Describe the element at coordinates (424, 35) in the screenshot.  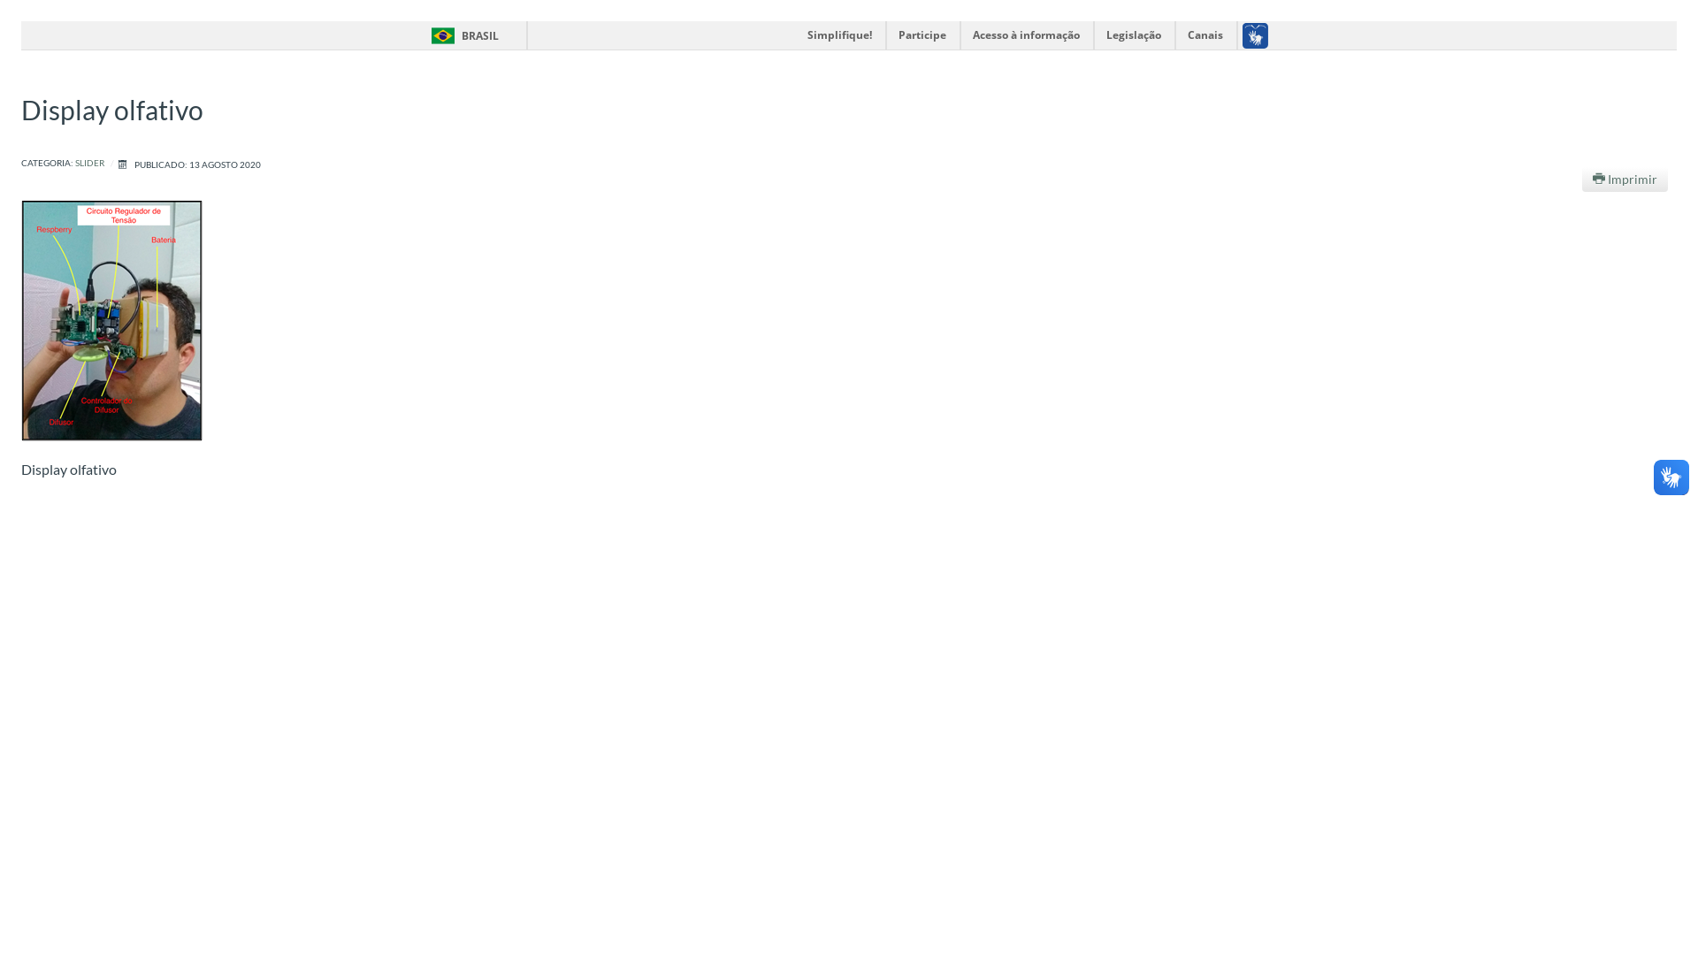
I see `'BRASIL'` at that location.